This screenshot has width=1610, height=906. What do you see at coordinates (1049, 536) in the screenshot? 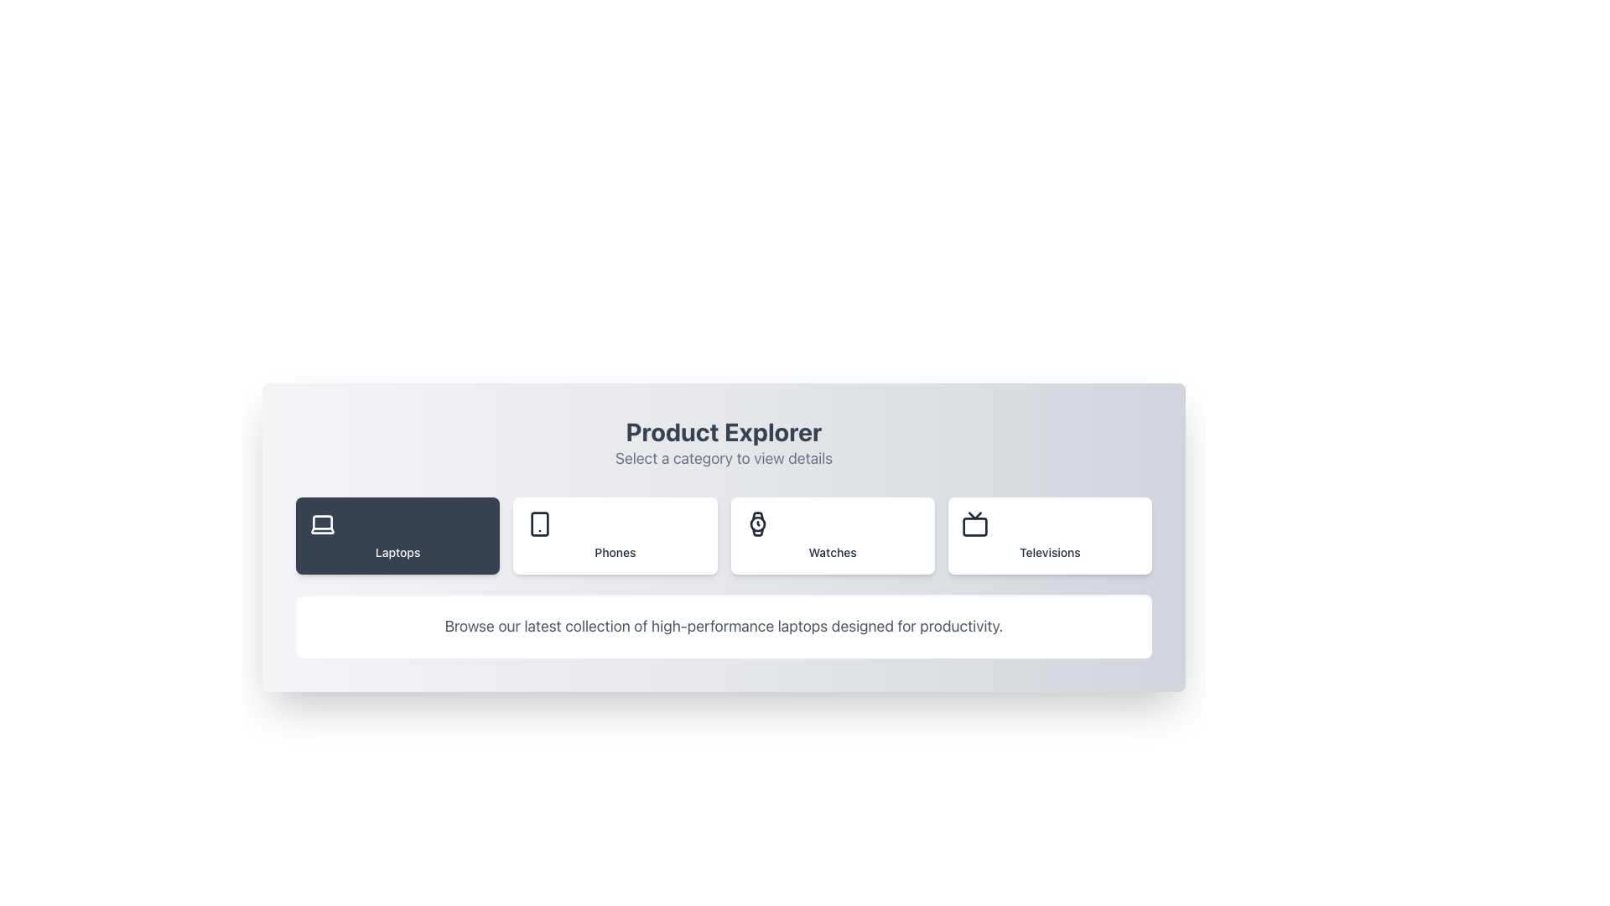
I see `the 'Televisions' category button, which is the last button in a horizontal grid of four buttons, to apply a hover effect` at bounding box center [1049, 536].